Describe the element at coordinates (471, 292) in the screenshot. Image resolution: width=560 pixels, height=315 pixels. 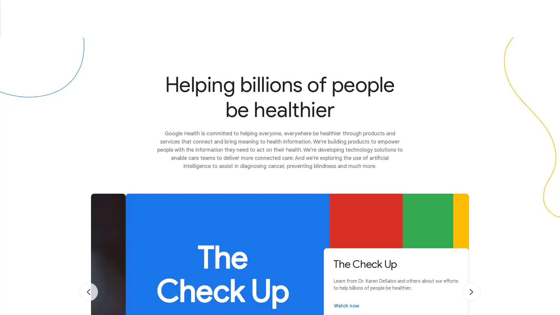
I see `Next slide` at that location.